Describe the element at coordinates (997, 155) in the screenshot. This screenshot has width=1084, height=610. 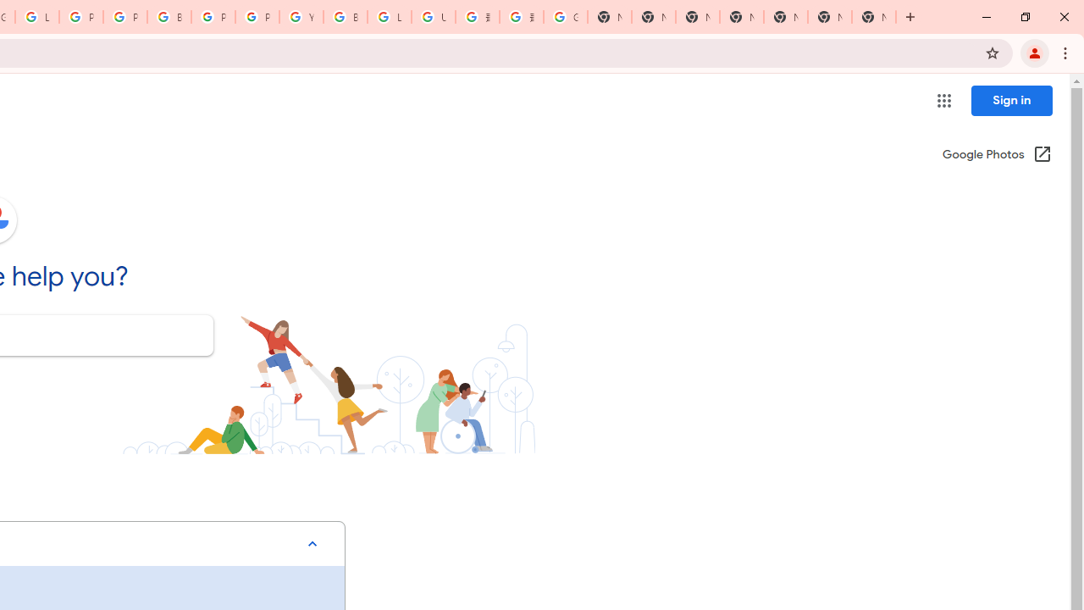
I see `'Google Photos (Open in a new window)'` at that location.